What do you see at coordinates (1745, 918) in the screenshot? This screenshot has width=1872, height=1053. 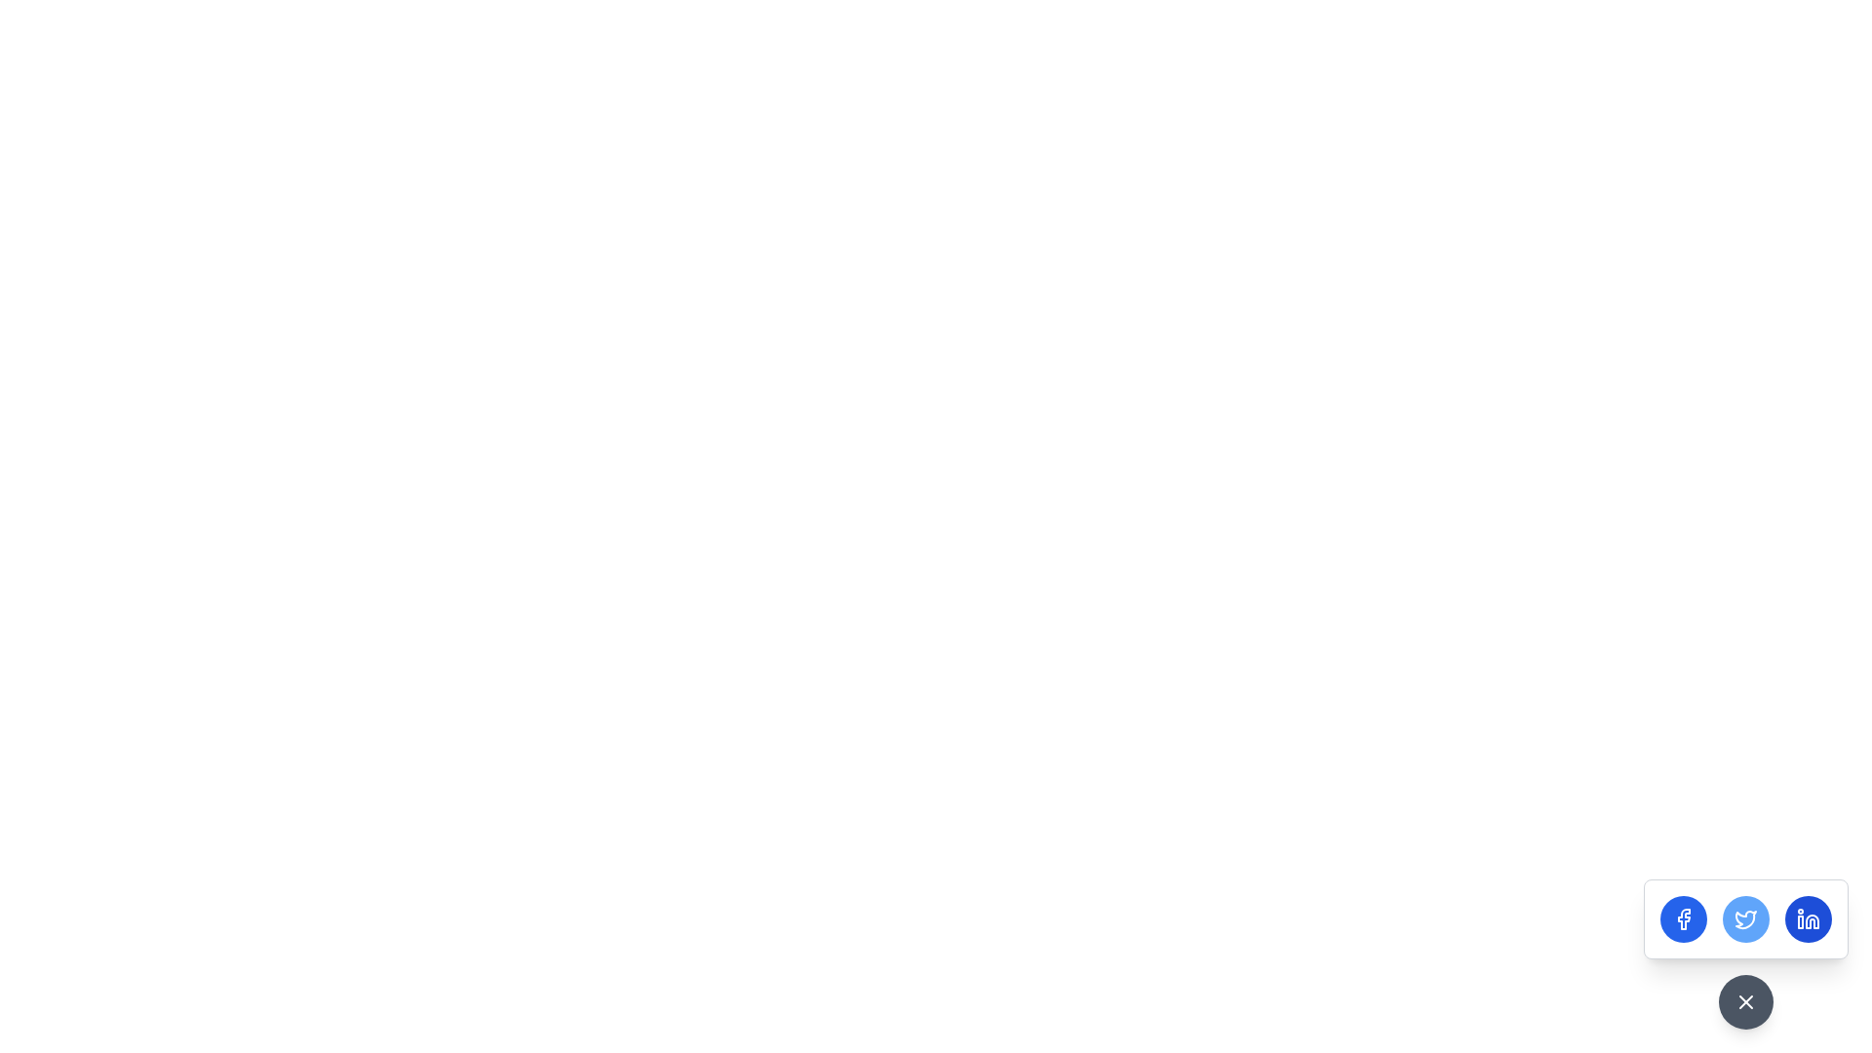 I see `the middle circular button for Twitter functionality` at bounding box center [1745, 918].